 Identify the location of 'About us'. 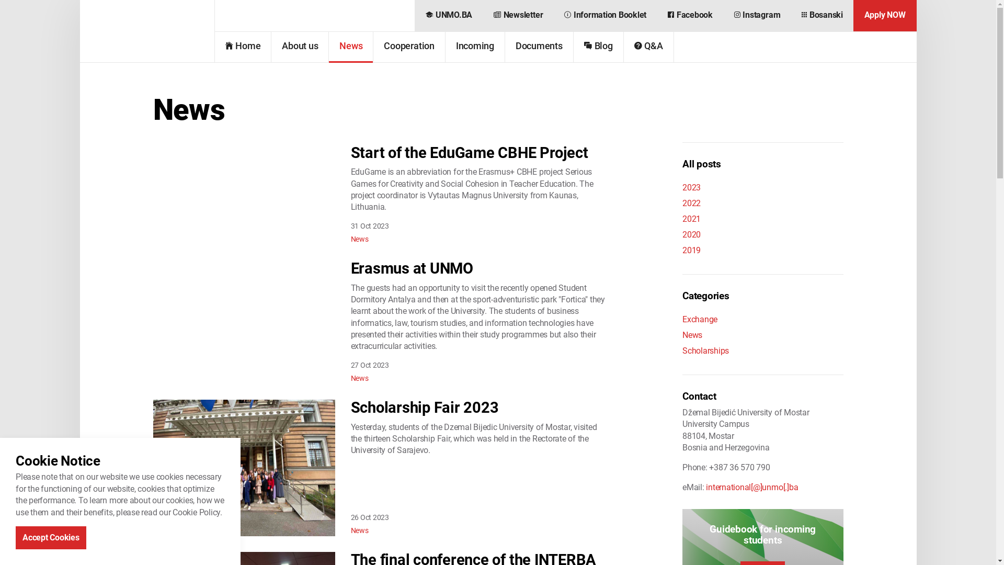
(299, 46).